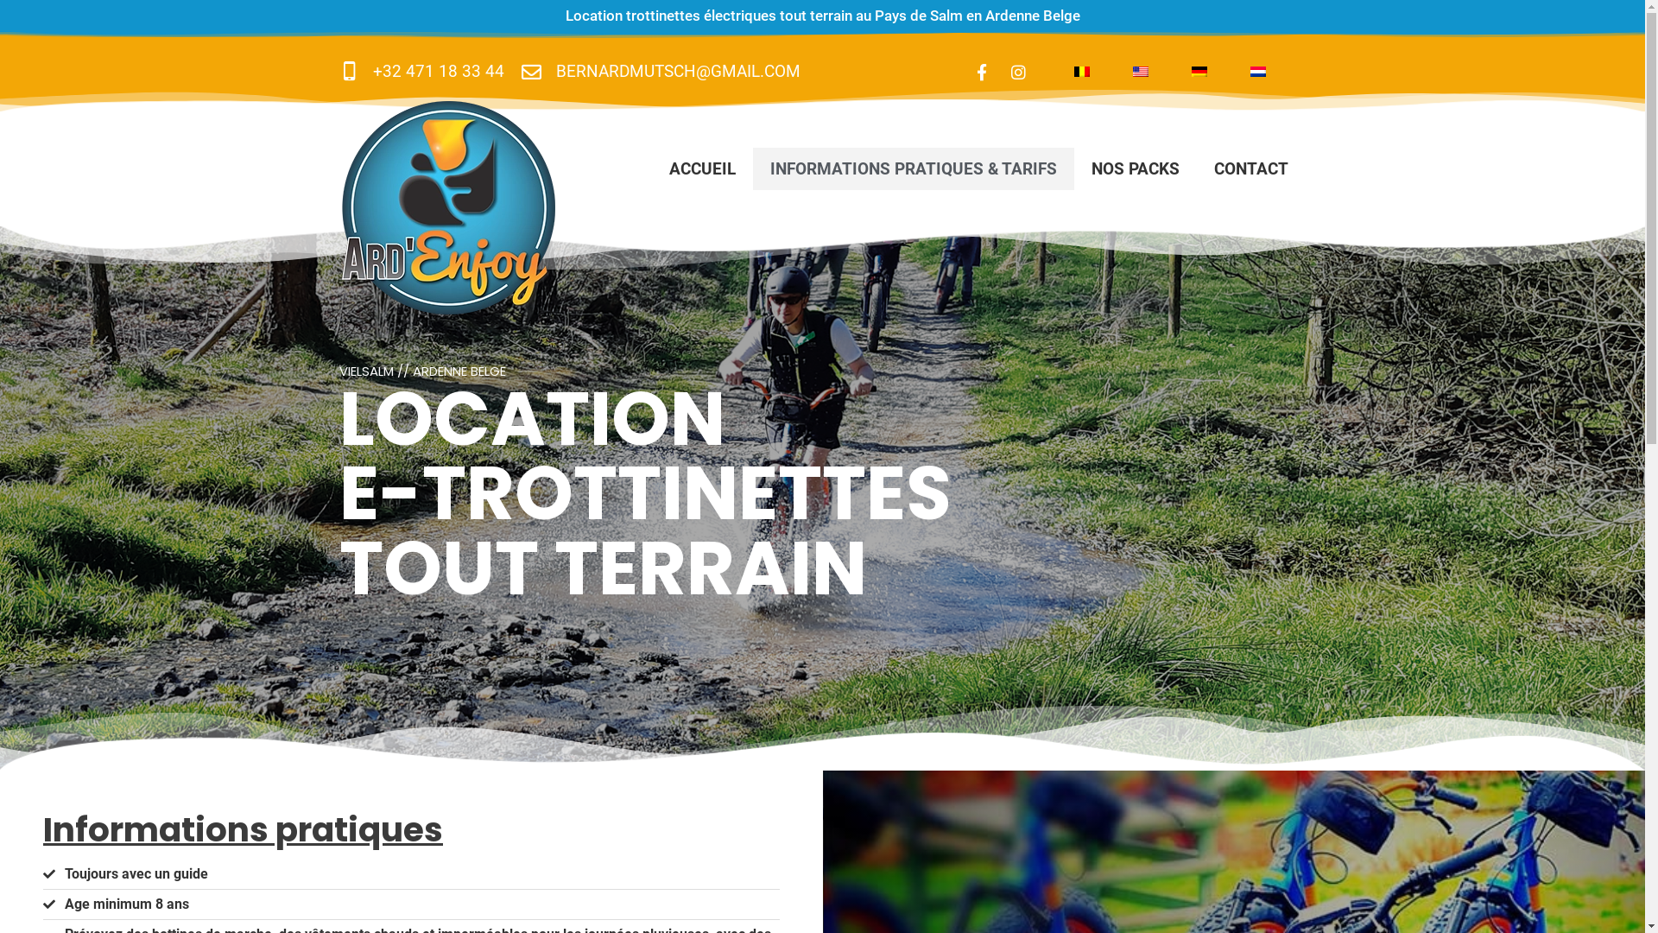 The height and width of the screenshot is (933, 1658). What do you see at coordinates (1136, 168) in the screenshot?
I see `'NOS PACKS'` at bounding box center [1136, 168].